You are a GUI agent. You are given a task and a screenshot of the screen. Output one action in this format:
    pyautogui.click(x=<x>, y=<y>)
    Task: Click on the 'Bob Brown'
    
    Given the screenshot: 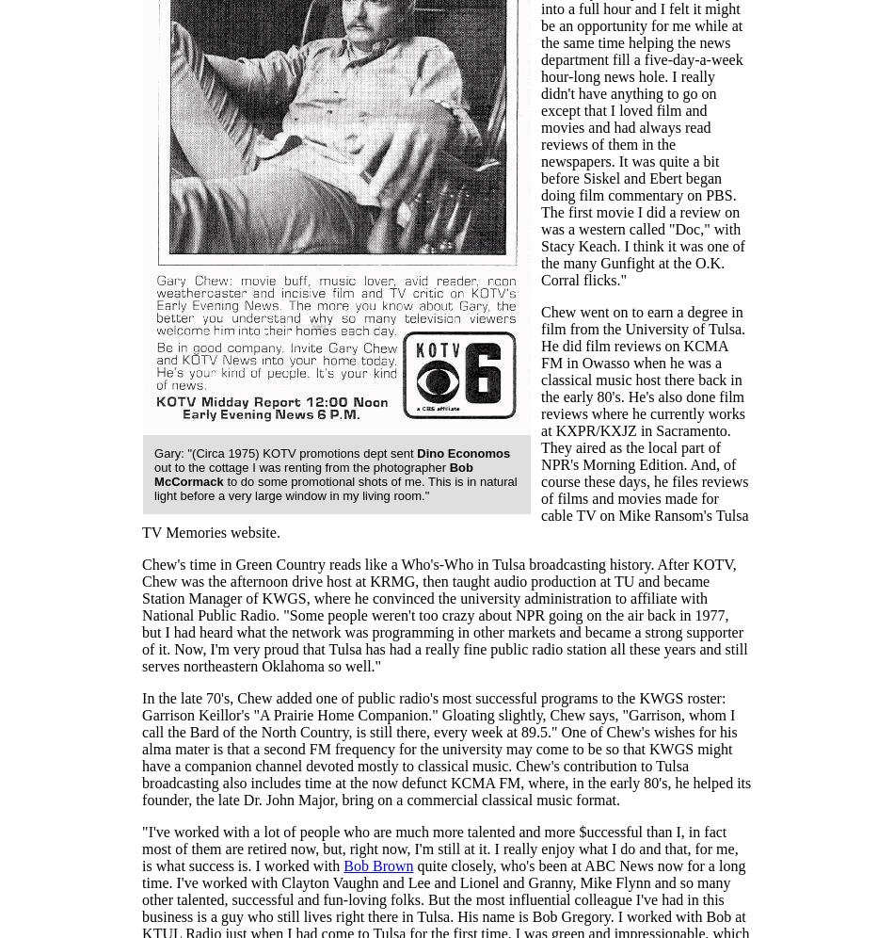 What is the action you would take?
    pyautogui.click(x=377, y=865)
    